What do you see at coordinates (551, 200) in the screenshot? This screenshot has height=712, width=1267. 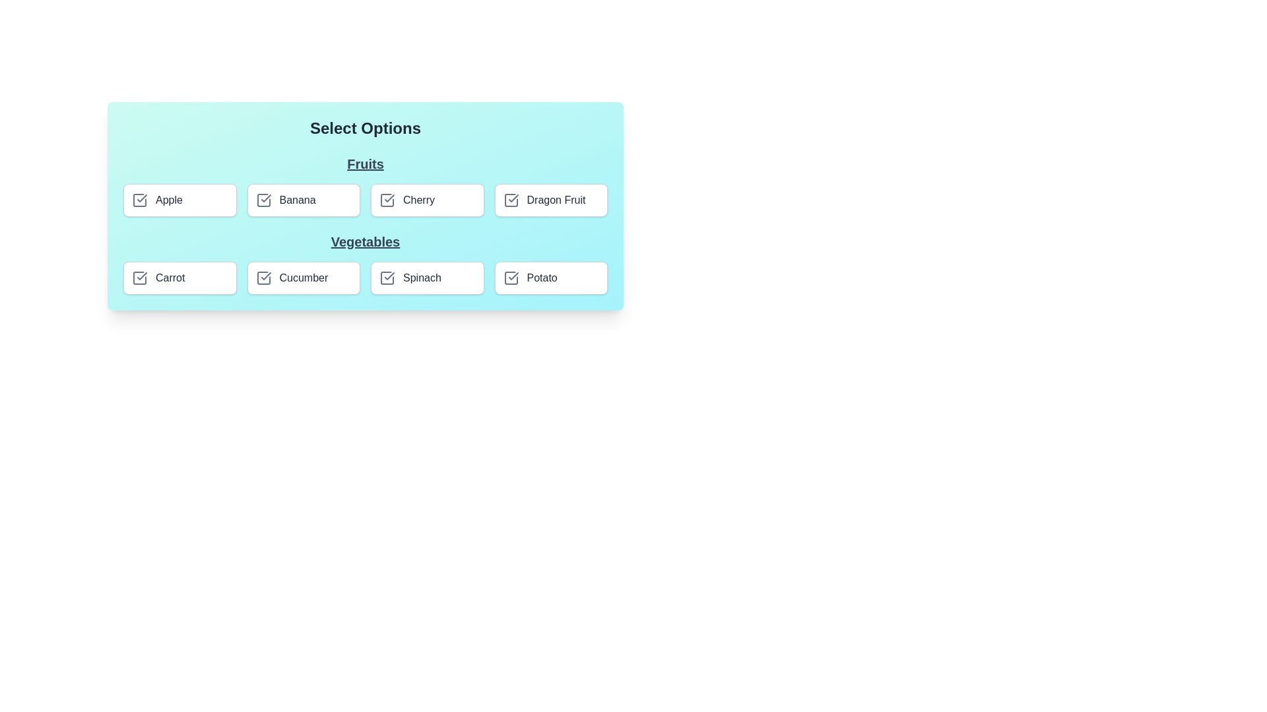 I see `the selectable option for 'Dragon Fruit' using keyboard navigation` at bounding box center [551, 200].